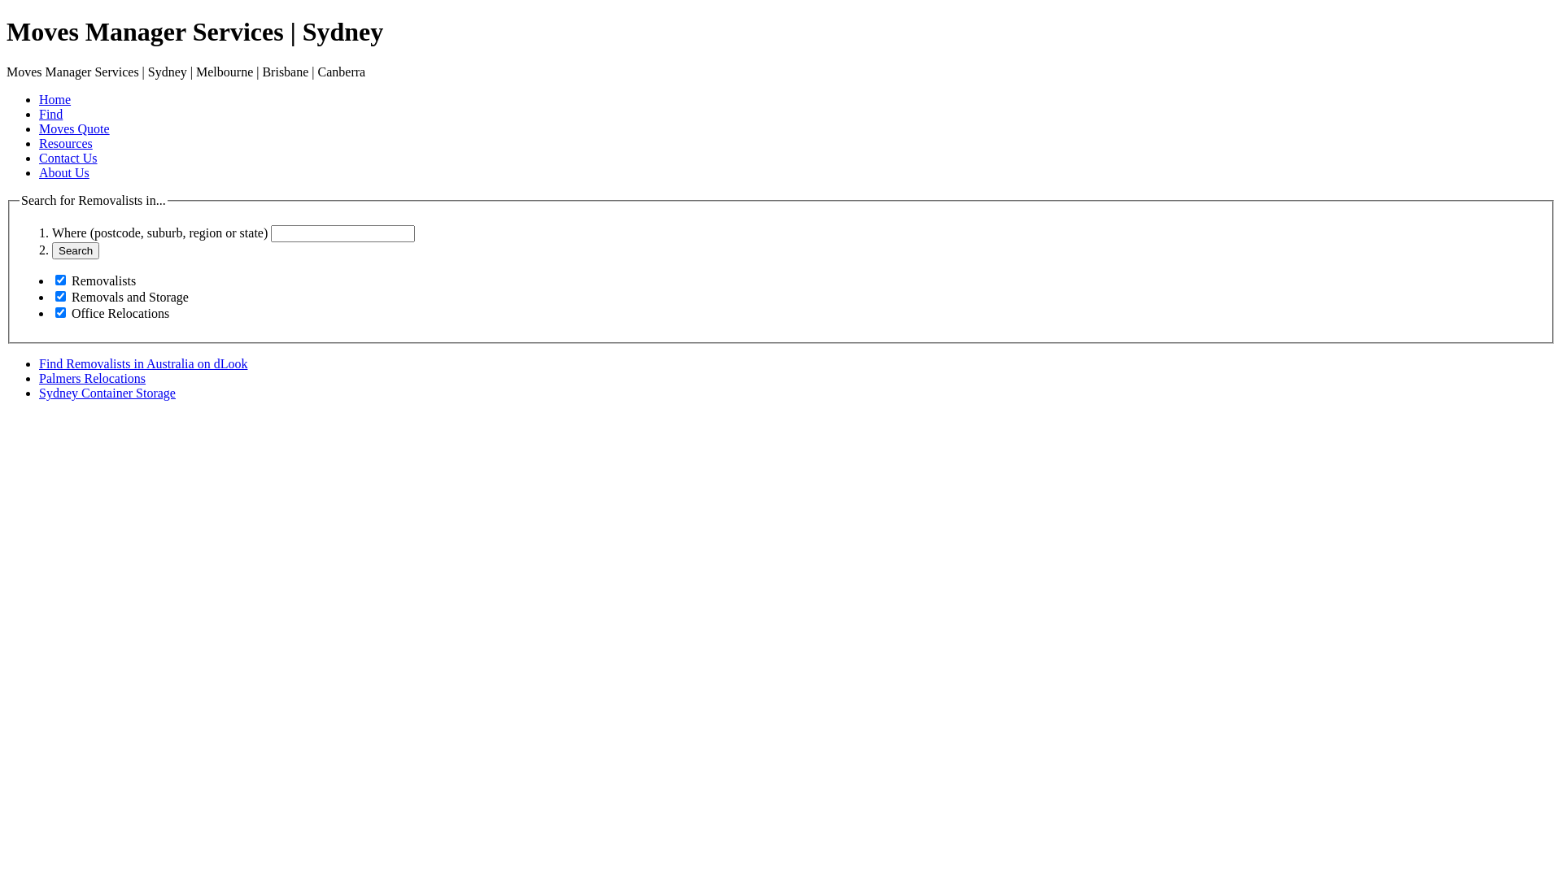  I want to click on 'Find', so click(50, 113).